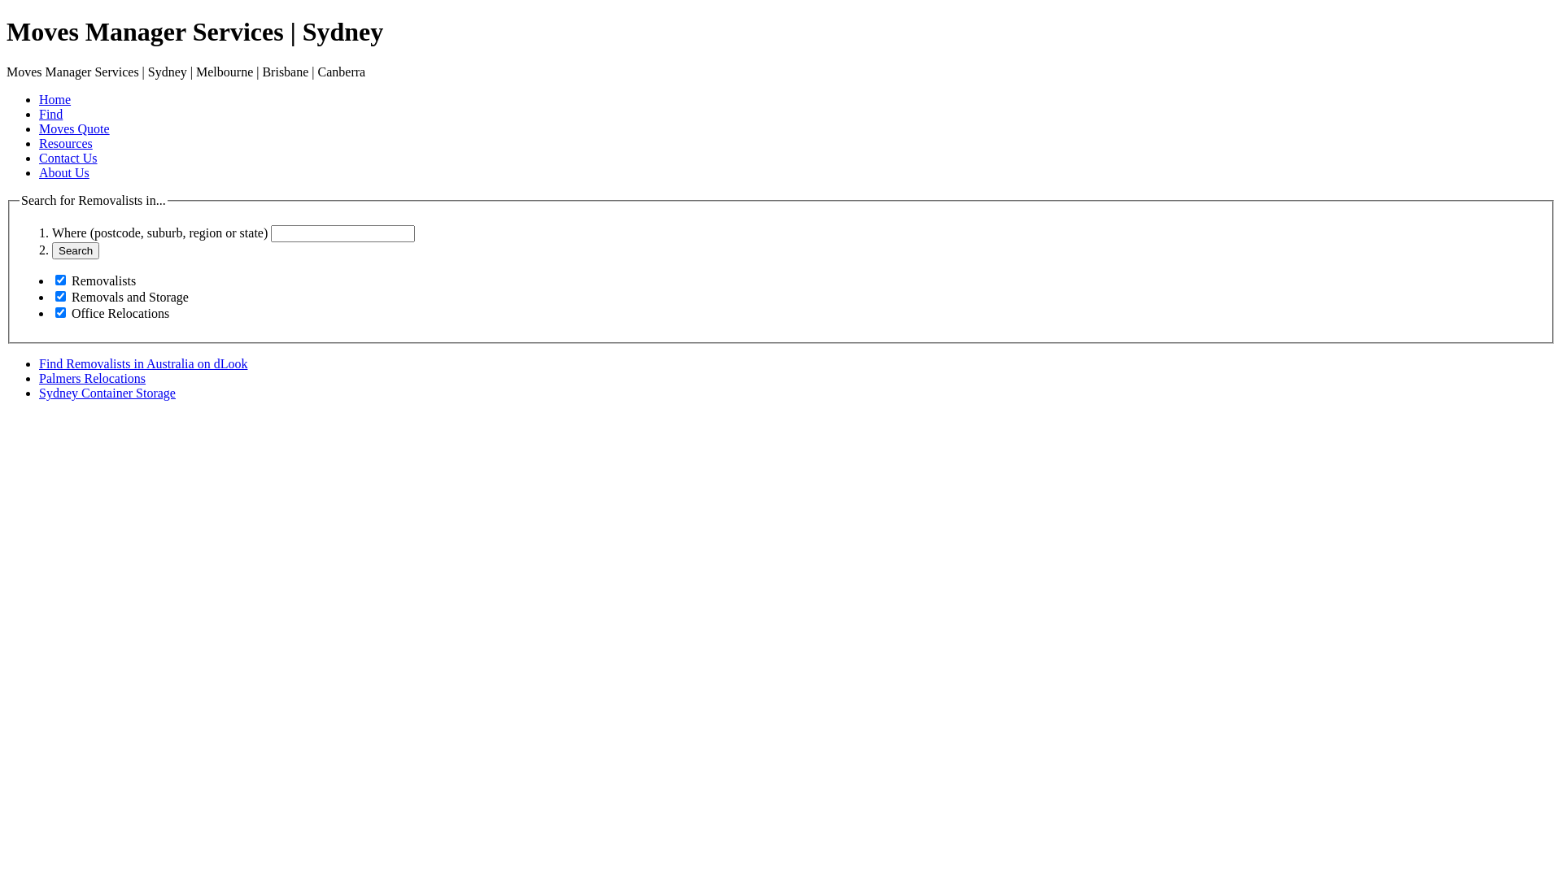  I want to click on 'Find', so click(50, 113).